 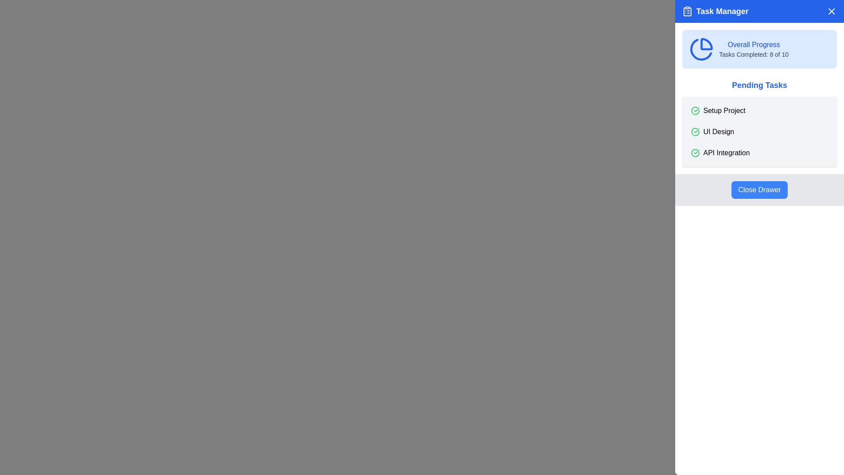 I want to click on the 'API Integration' text label located in the 'Pending Tasks' section of the task sidebar, which is above subsequent tasks and aligned with a green checkmark icon on its left, so click(x=726, y=152).